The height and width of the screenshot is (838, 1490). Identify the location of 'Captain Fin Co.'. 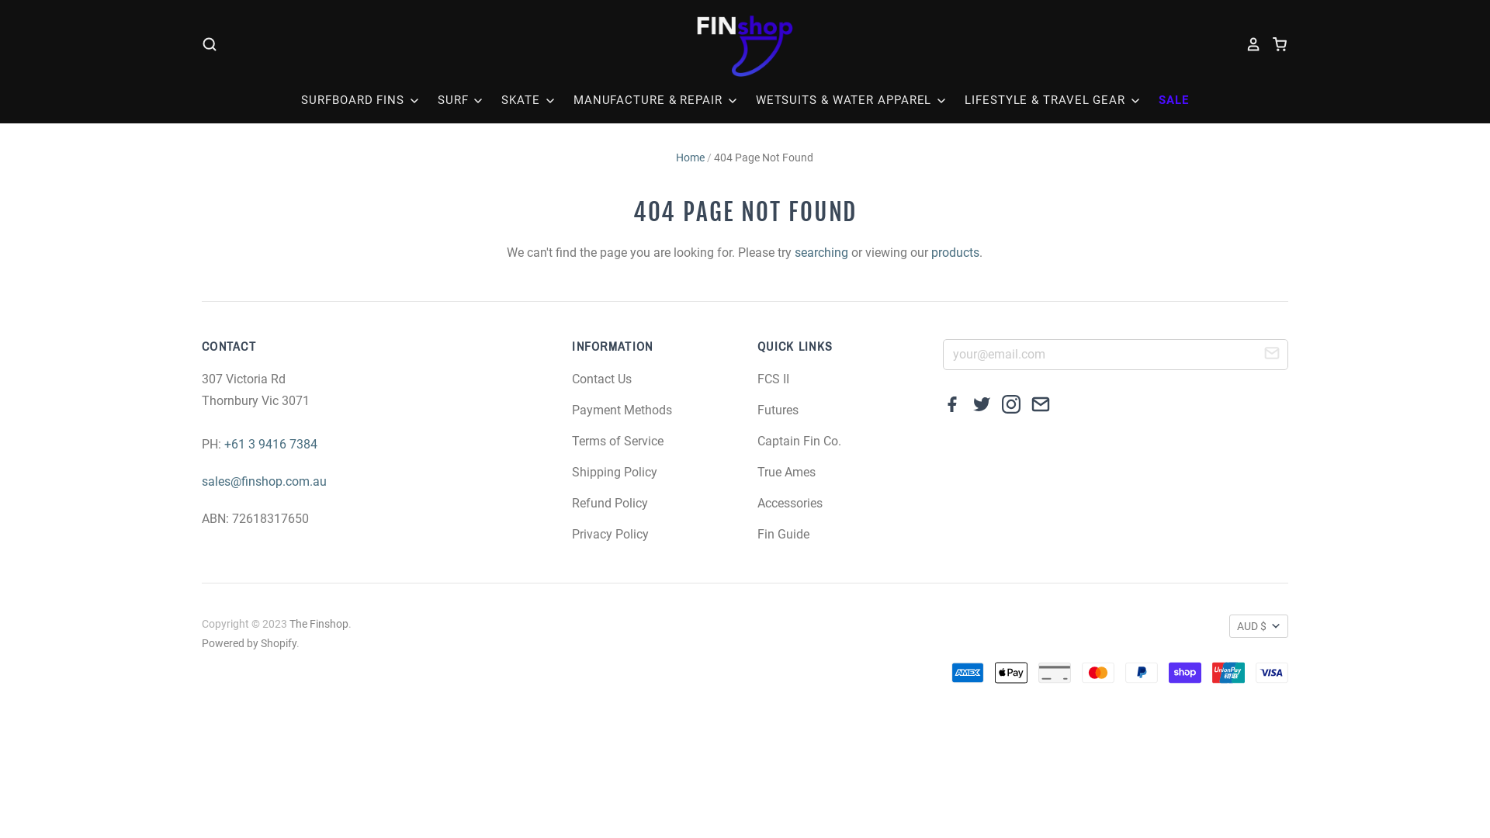
(799, 441).